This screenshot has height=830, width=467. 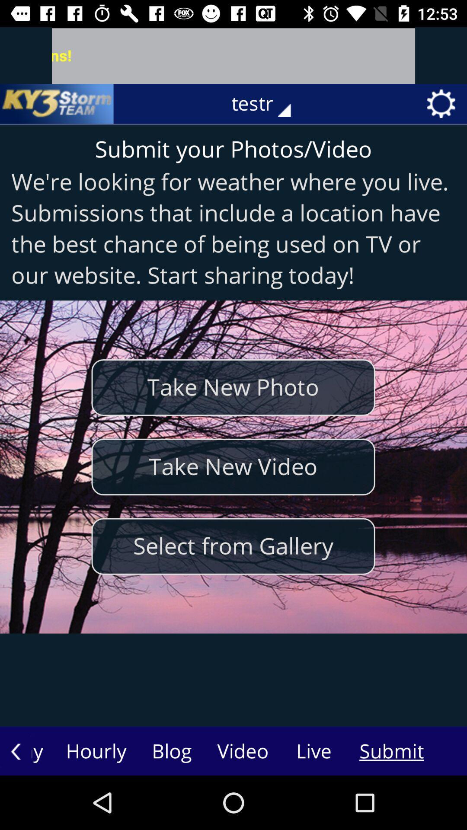 I want to click on the icon below take new video, so click(x=233, y=546).